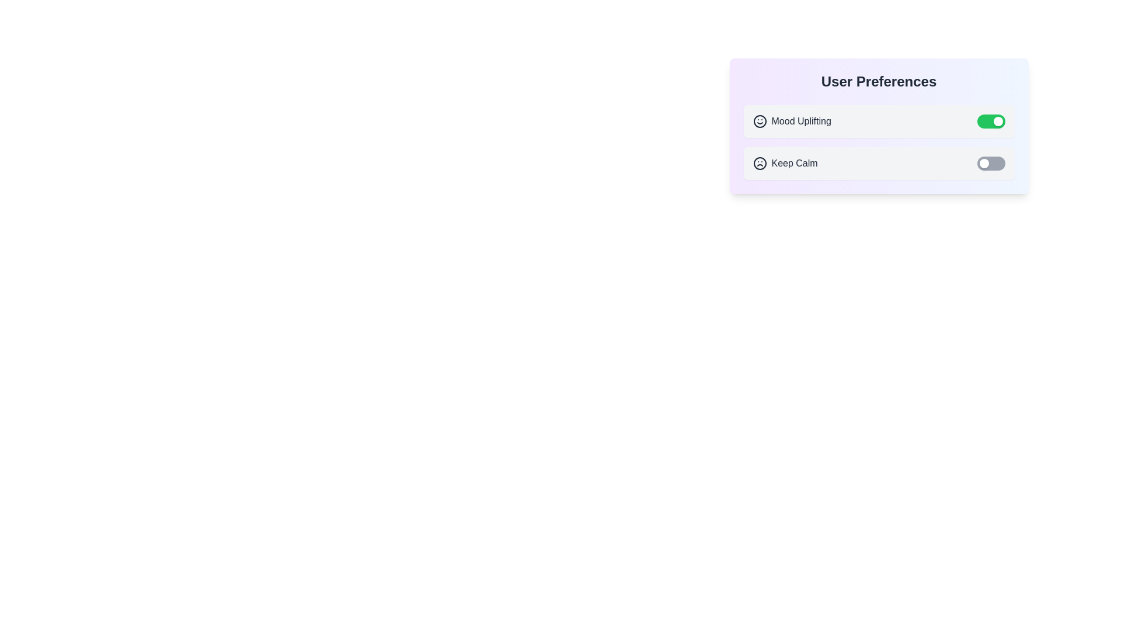  What do you see at coordinates (760, 122) in the screenshot?
I see `the SVG circle element that visually represents the smiley face icon for the 'Mood Uplifting' preference in the 'User Preferences' card` at bounding box center [760, 122].